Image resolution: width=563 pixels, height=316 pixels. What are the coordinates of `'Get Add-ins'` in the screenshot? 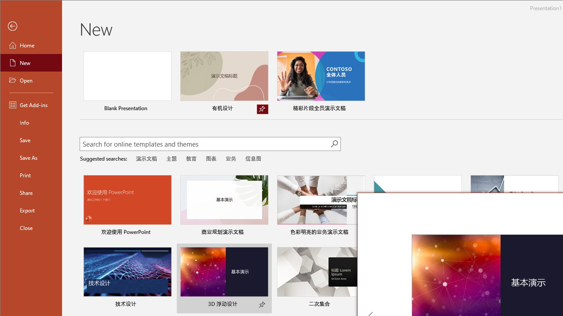 It's located at (31, 104).